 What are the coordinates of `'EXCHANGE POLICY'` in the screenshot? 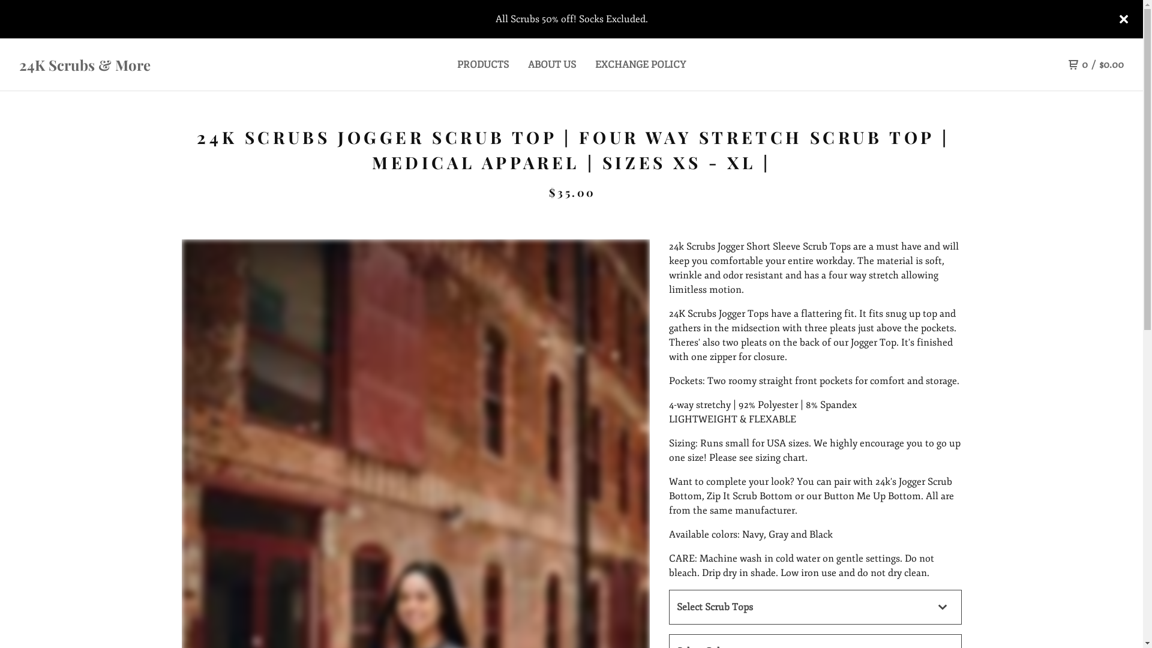 It's located at (595, 65).